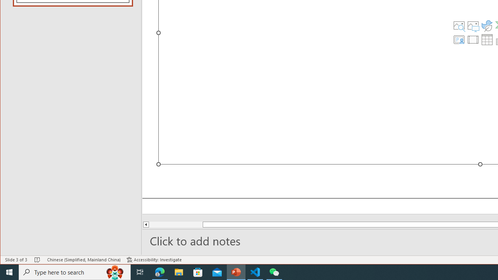  I want to click on 'Insert an Icon', so click(487, 25).